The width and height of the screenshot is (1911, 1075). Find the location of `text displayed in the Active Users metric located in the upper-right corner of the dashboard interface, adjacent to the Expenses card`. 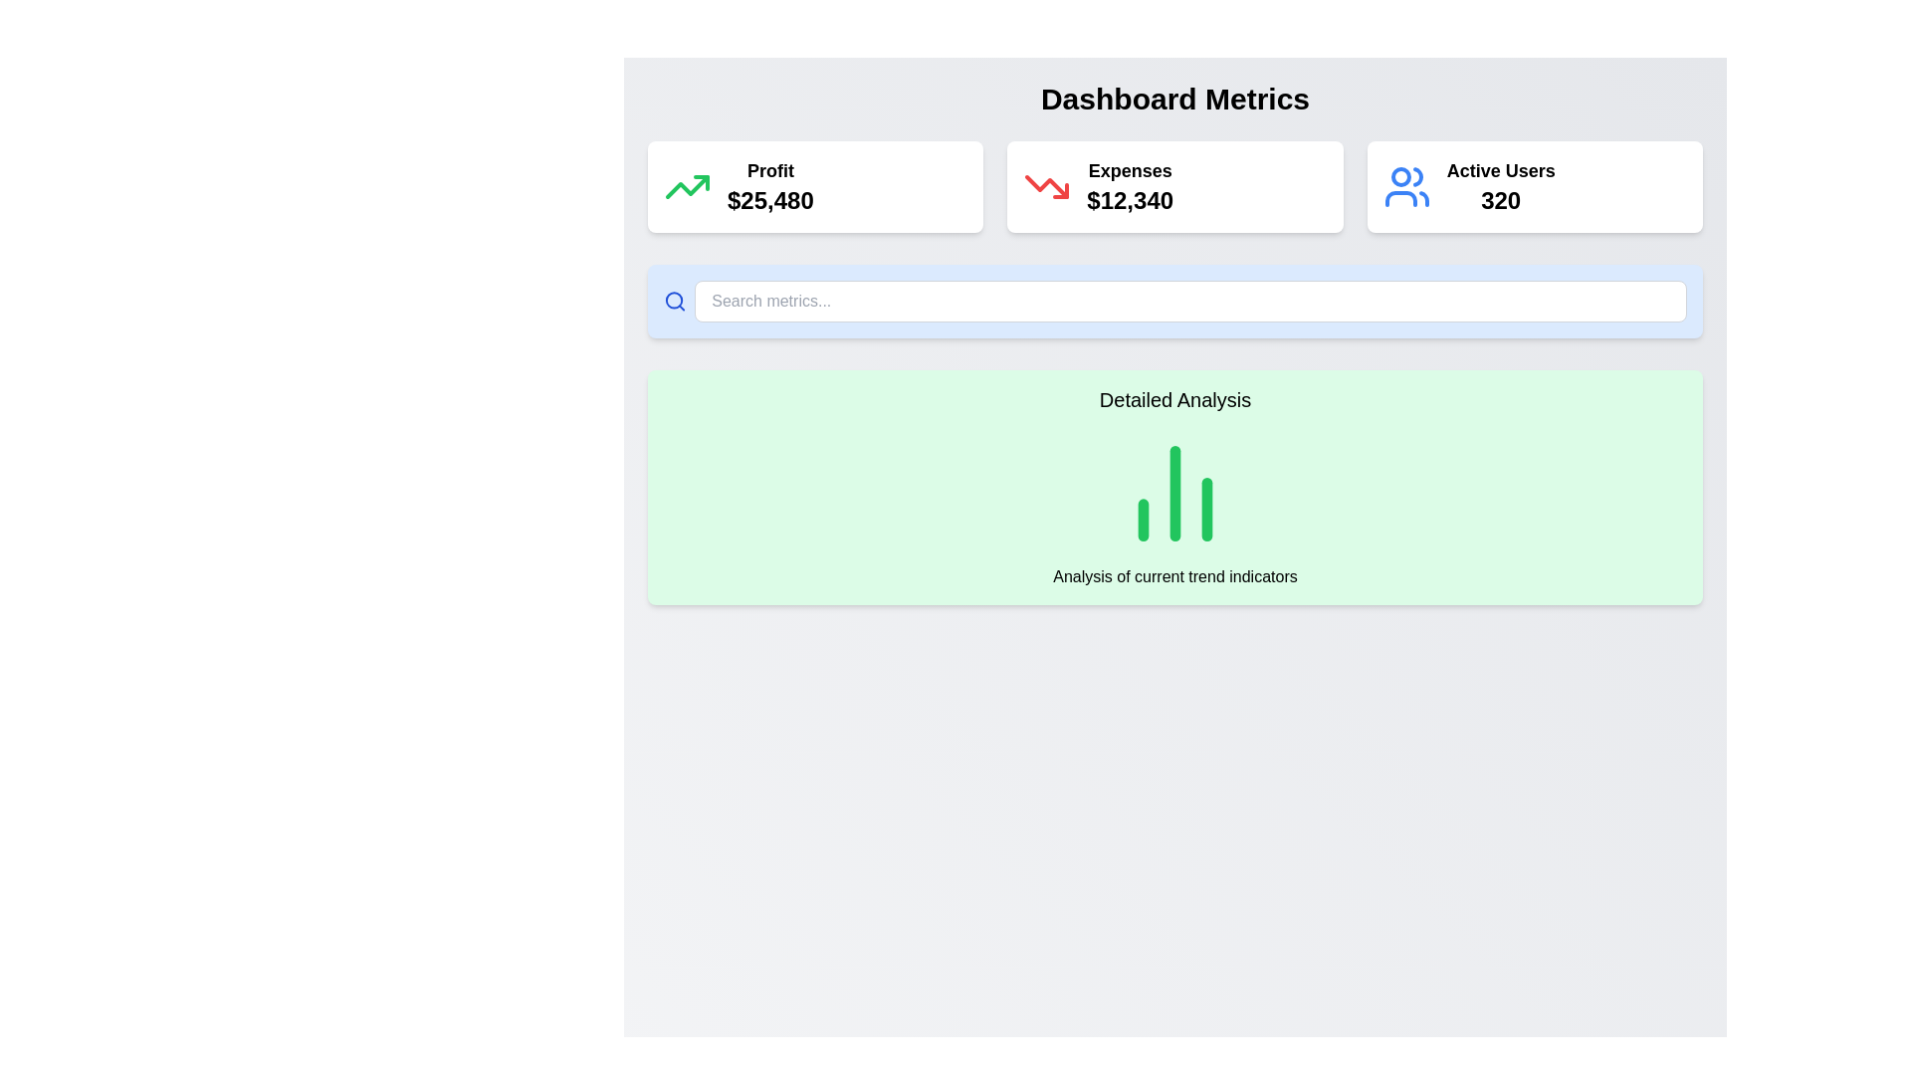

text displayed in the Active Users metric located in the upper-right corner of the dashboard interface, adjacent to the Expenses card is located at coordinates (1501, 187).